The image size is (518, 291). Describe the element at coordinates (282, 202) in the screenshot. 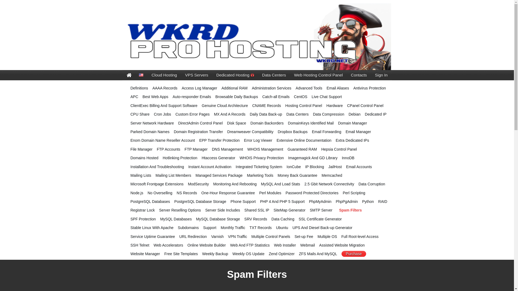

I see `'PHP 4 And PHP 5 Support'` at that location.